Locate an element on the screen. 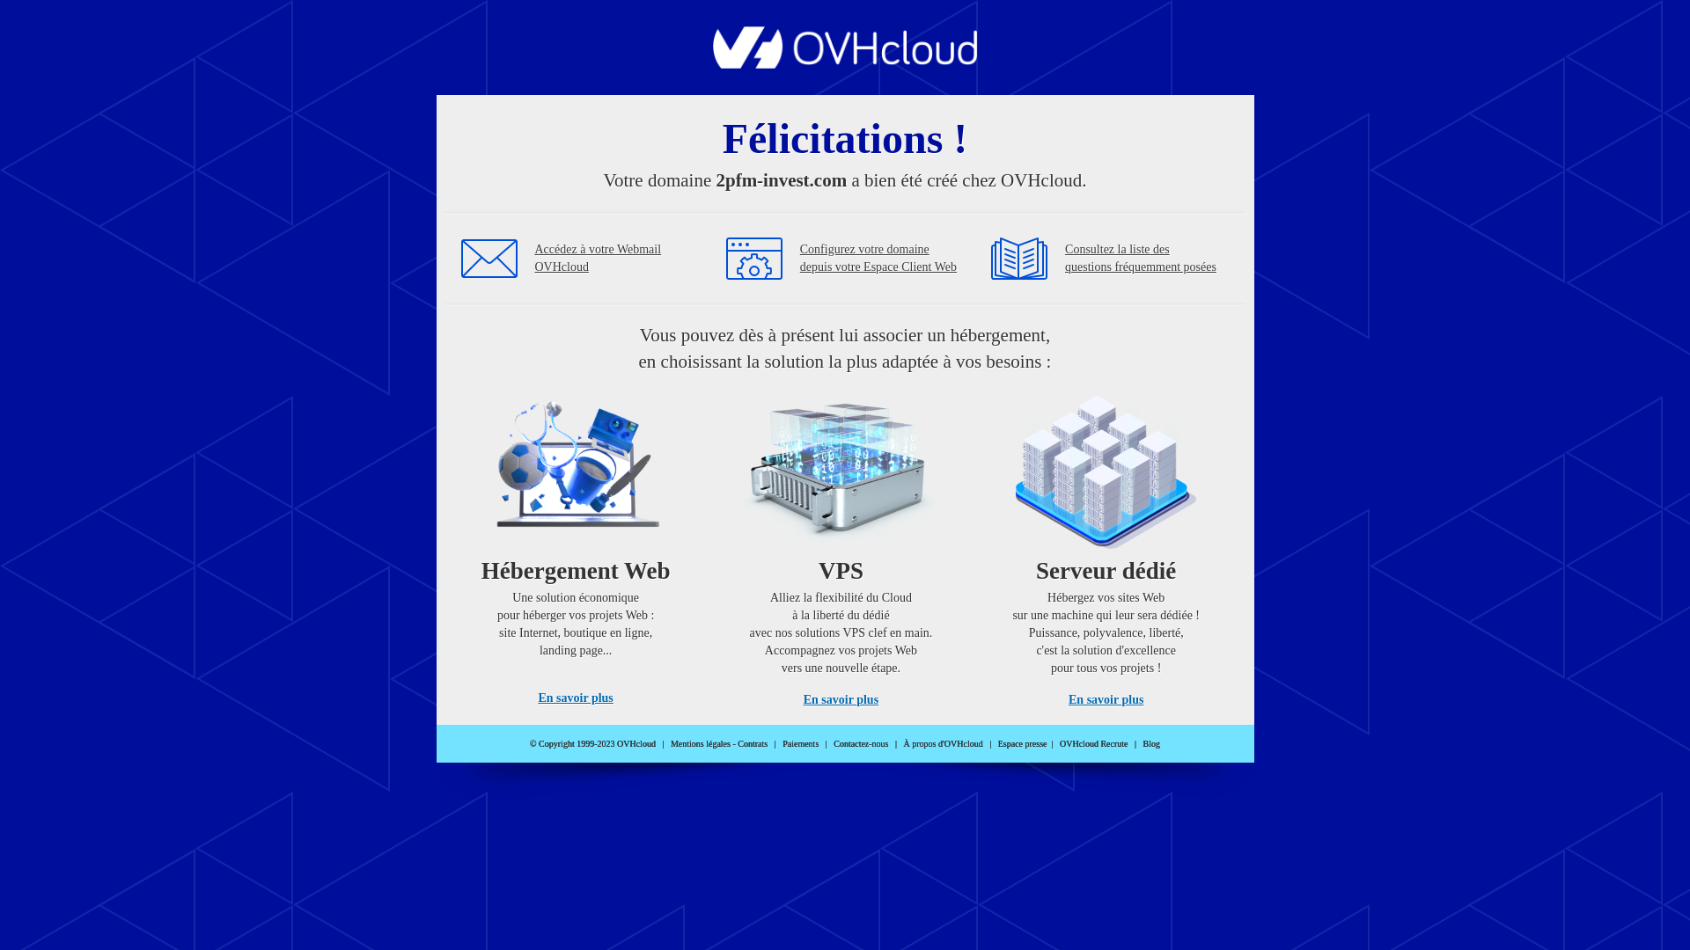 The width and height of the screenshot is (1690, 950). 'Espace presse' is located at coordinates (1022, 743).